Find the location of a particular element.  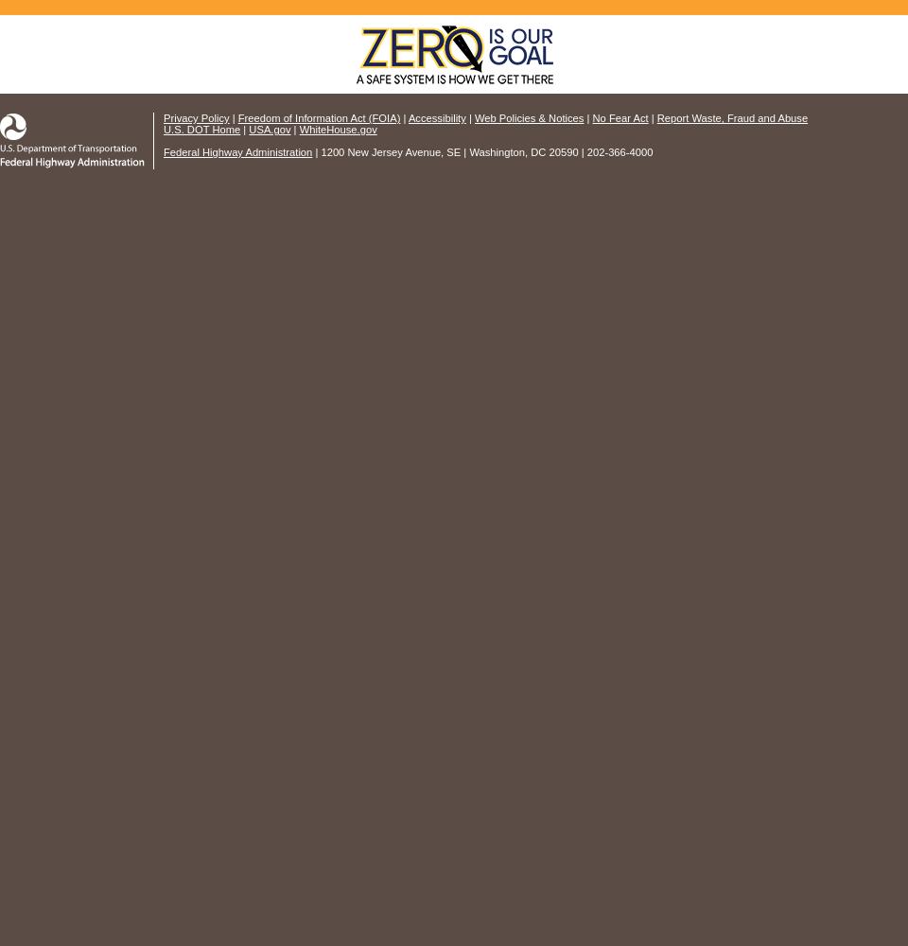

'Federal Highway Administration' is located at coordinates (162, 152).